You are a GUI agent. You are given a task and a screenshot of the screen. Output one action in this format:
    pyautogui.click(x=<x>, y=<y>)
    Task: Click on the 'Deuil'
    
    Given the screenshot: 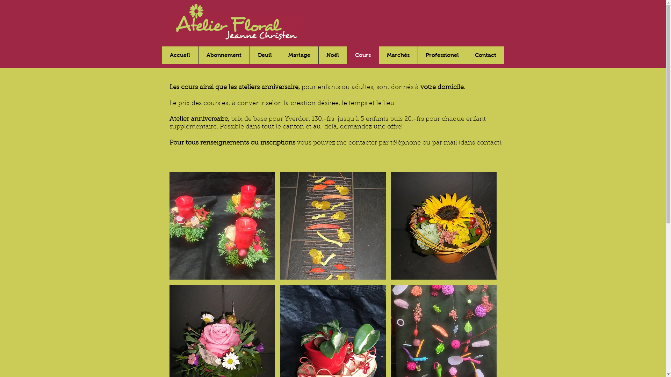 What is the action you would take?
    pyautogui.click(x=250, y=55)
    